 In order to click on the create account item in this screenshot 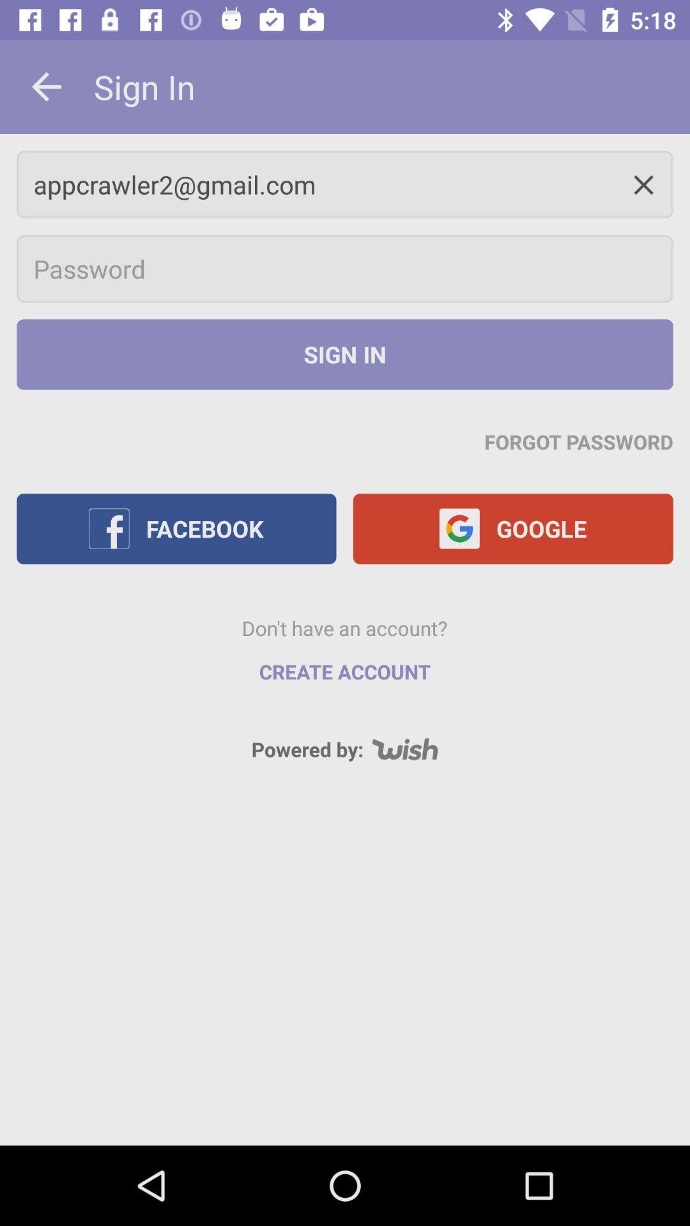, I will do `click(345, 671)`.